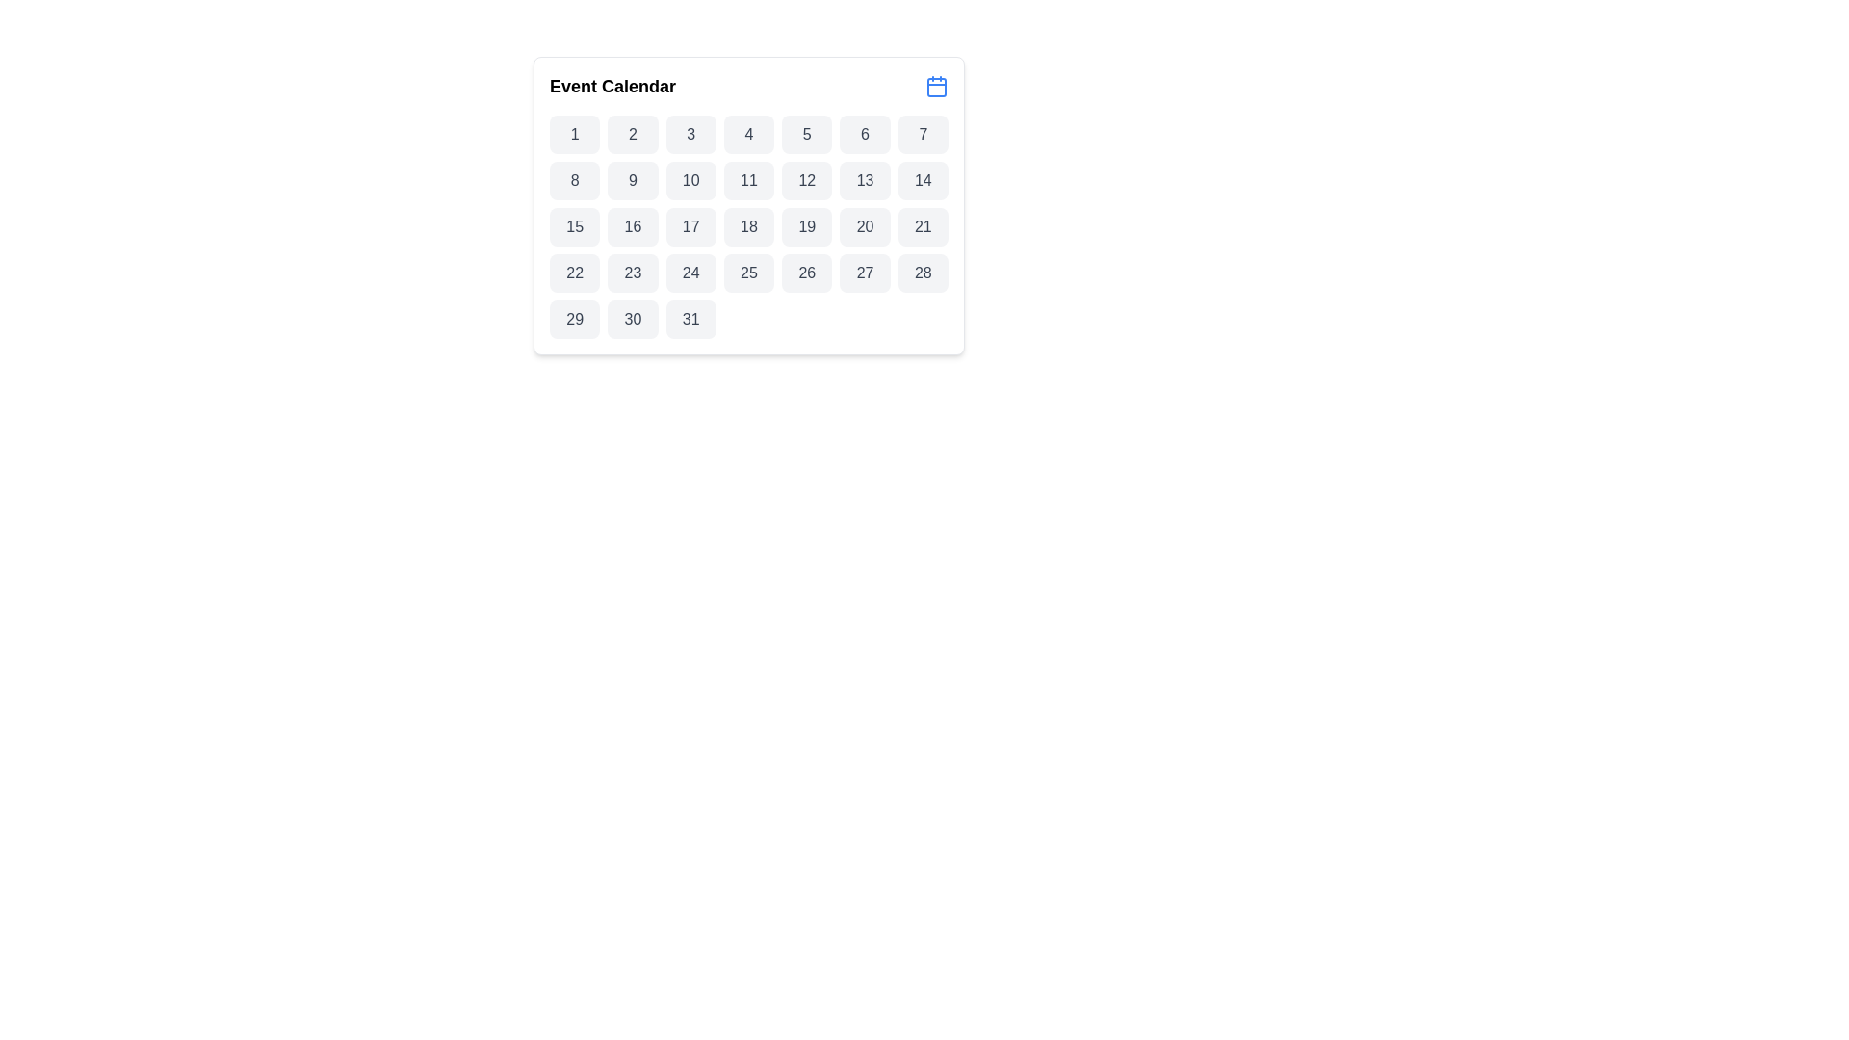  Describe the element at coordinates (747, 273) in the screenshot. I see `the selectable day button for the 25th day` at that location.